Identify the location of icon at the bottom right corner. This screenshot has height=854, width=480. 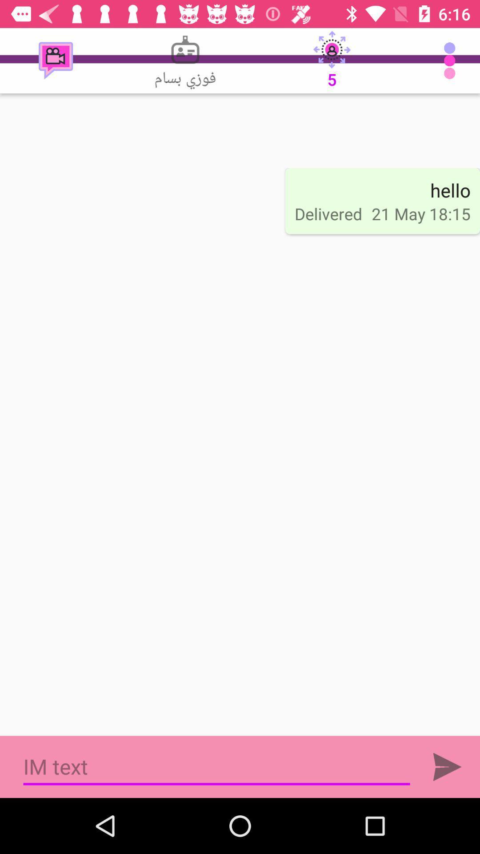
(447, 766).